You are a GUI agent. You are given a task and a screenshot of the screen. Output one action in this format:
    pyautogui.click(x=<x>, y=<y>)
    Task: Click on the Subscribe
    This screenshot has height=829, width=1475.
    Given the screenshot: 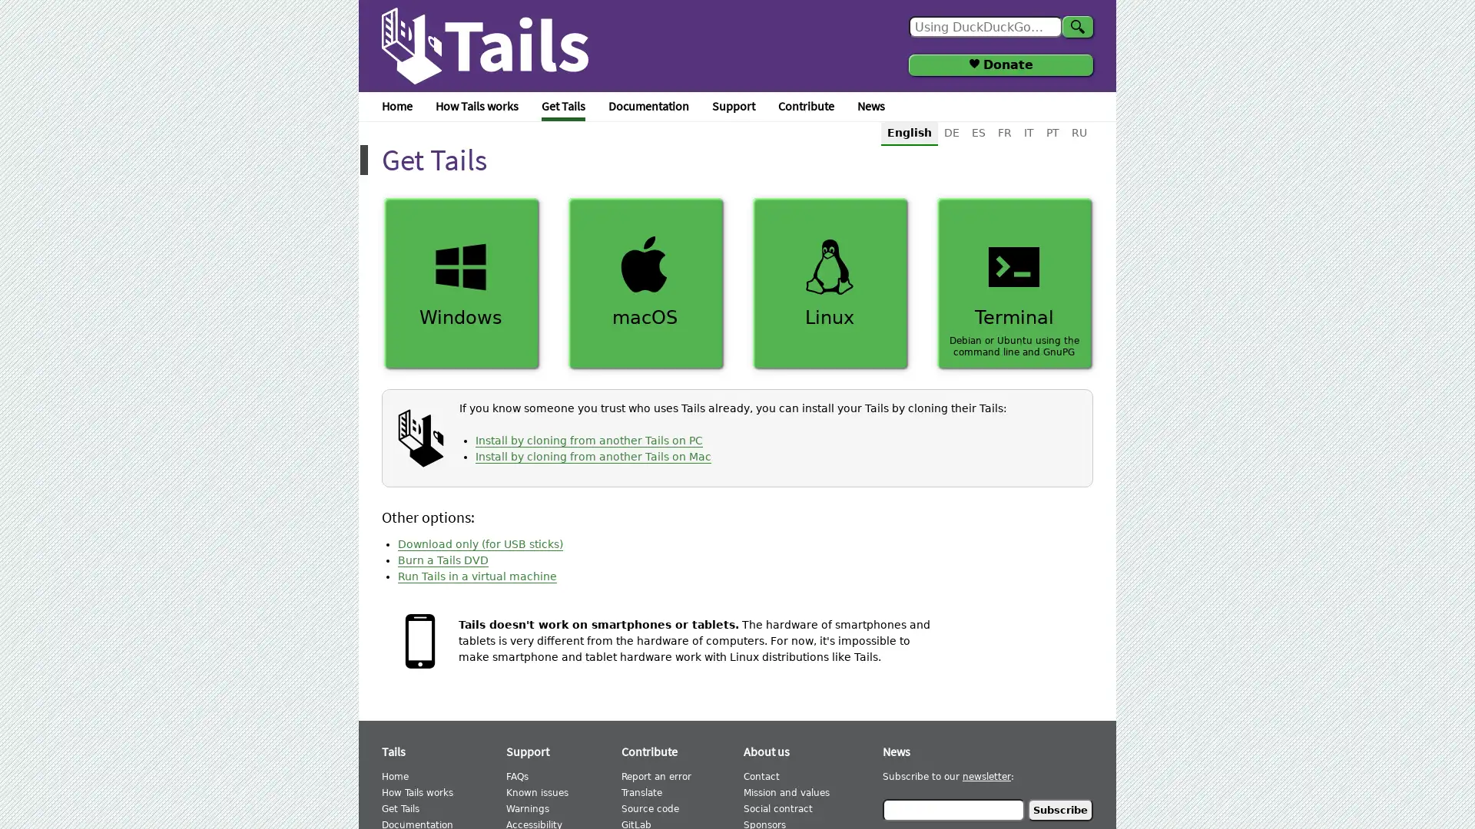 What is the action you would take?
    pyautogui.click(x=1059, y=809)
    